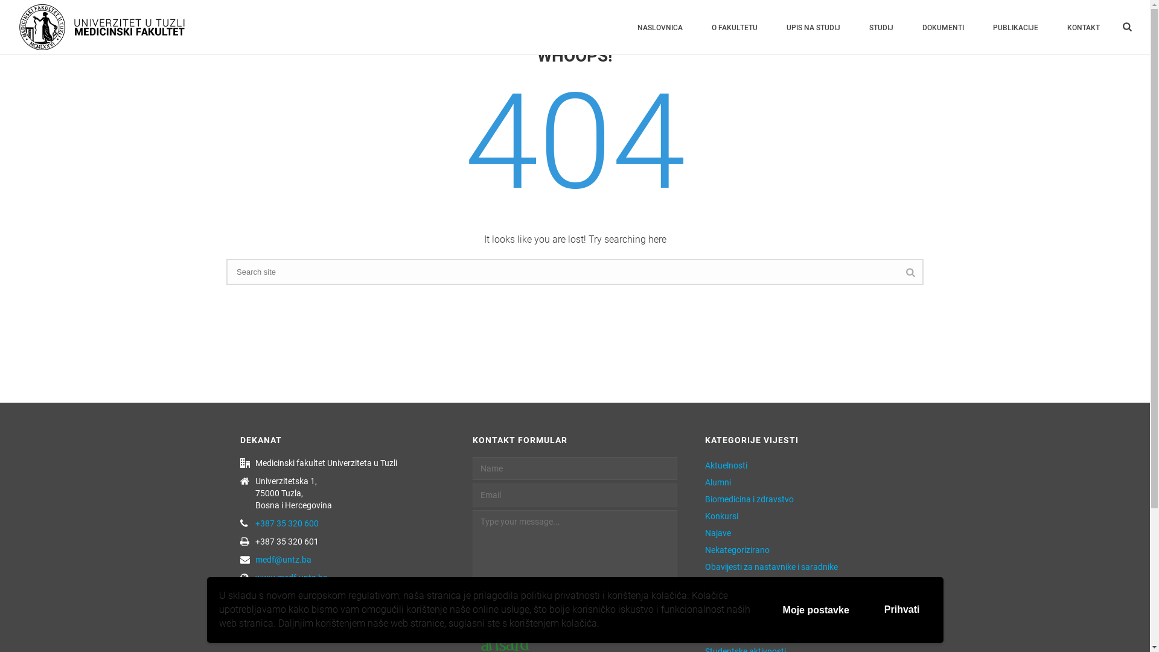  Describe the element at coordinates (659, 27) in the screenshot. I see `'NASLOVNICA'` at that location.